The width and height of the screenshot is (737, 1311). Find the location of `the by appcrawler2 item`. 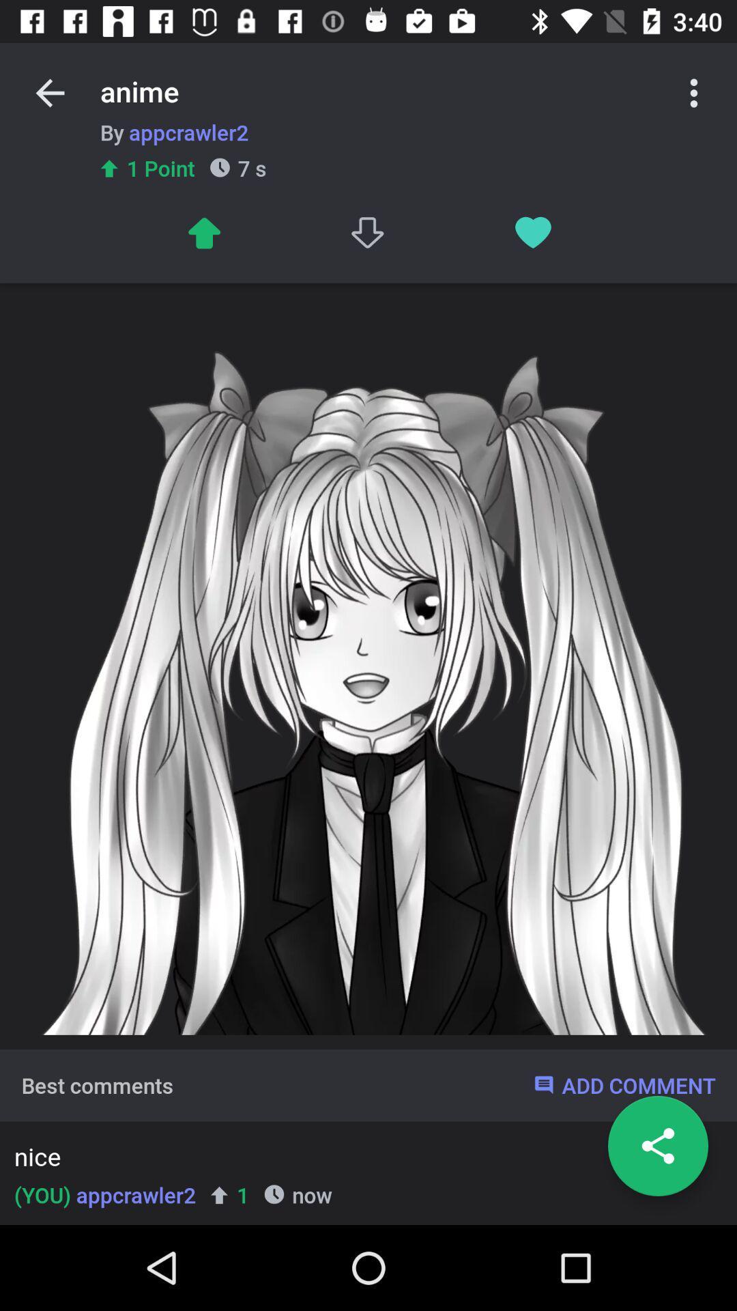

the by appcrawler2 item is located at coordinates (173, 132).